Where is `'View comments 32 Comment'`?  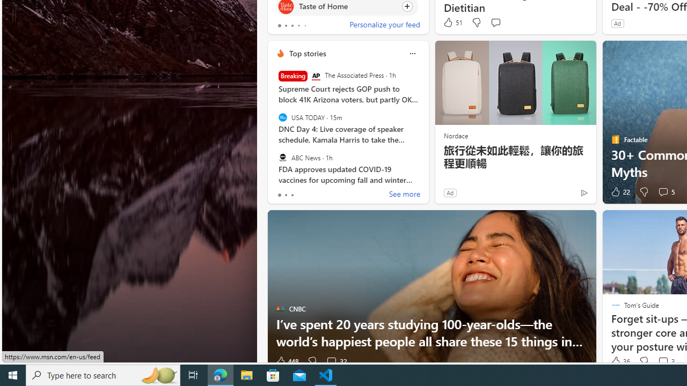 'View comments 32 Comment' is located at coordinates (331, 361).